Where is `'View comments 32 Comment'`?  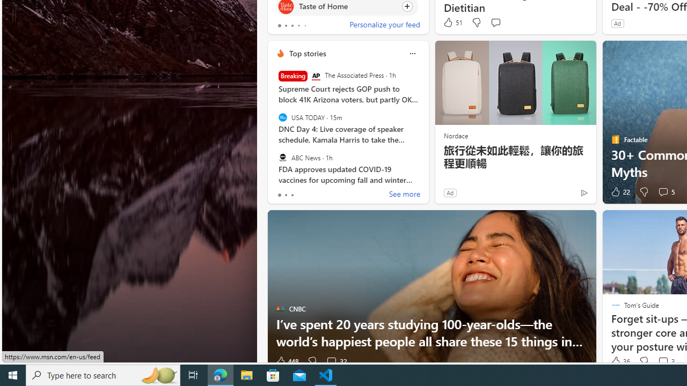 'View comments 32 Comment' is located at coordinates (331, 361).